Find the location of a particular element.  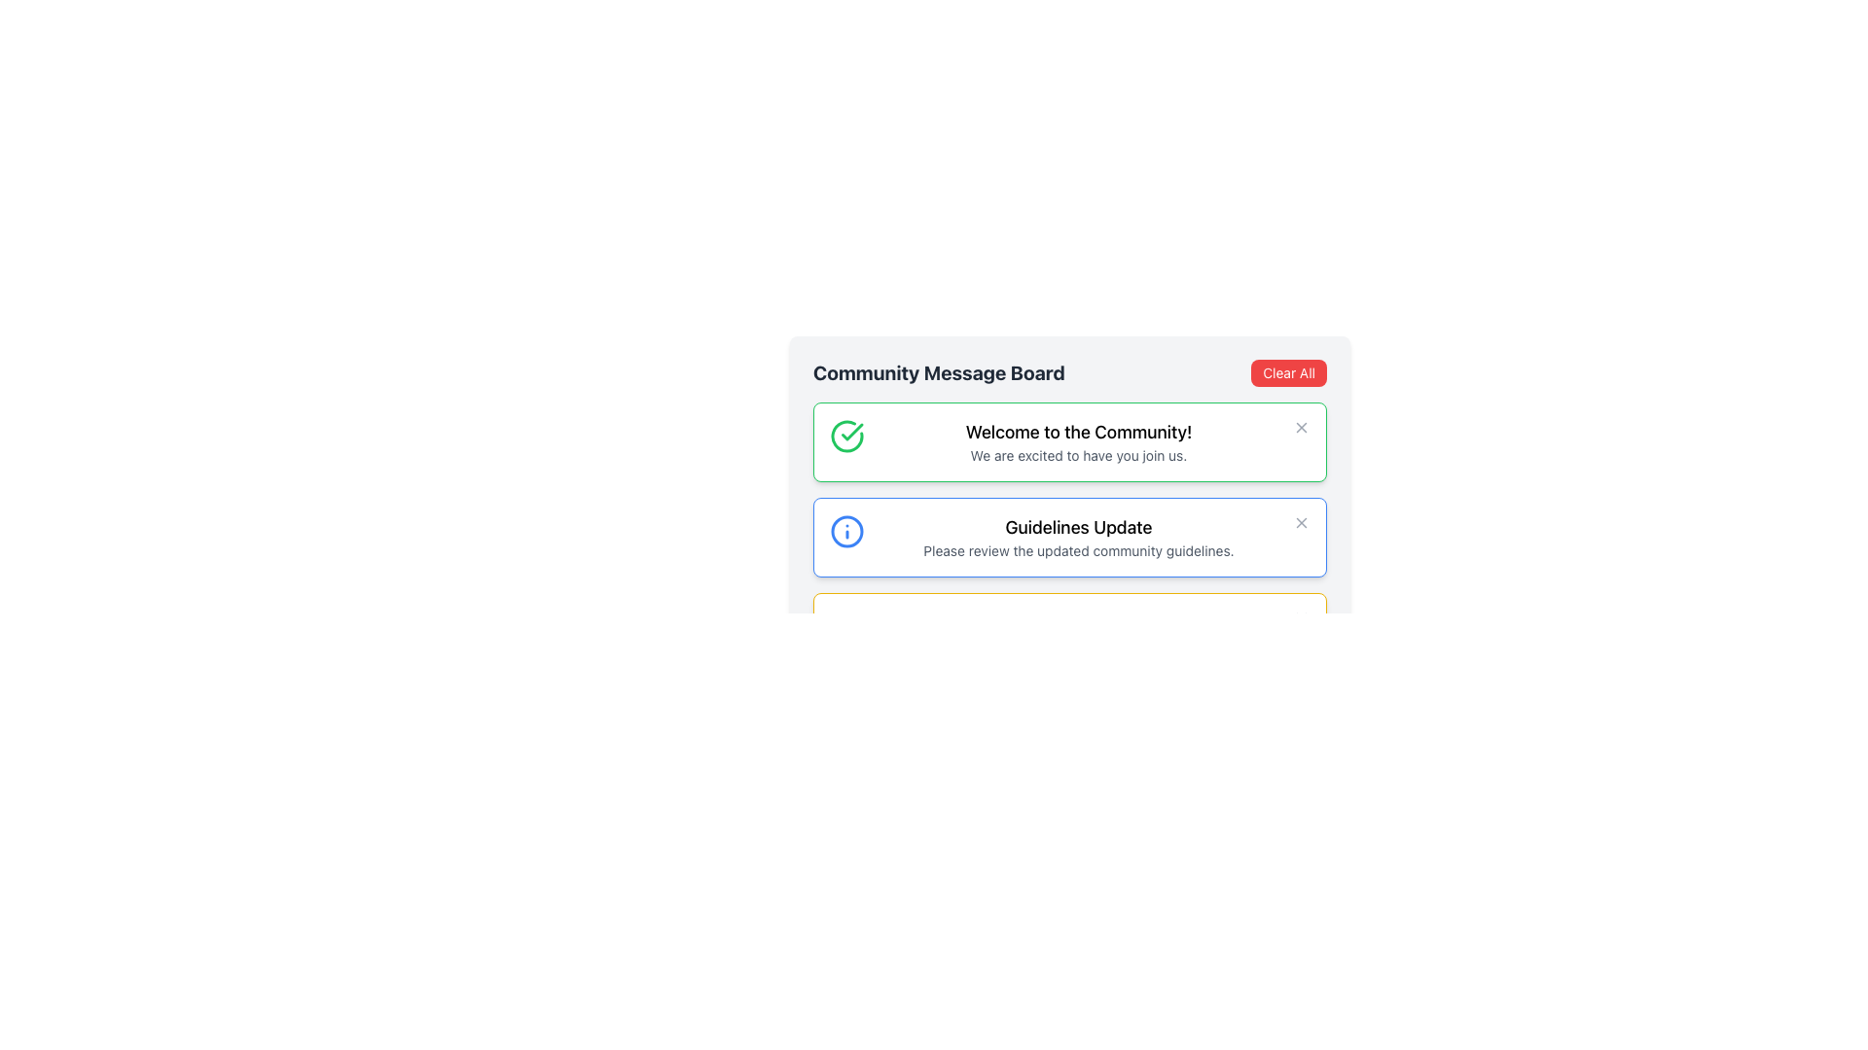

the updated community guidelines information displayed in the second informational text block on the Community Message Board interface, which is highlighted with a blue border and located just below the information icon is located at coordinates (1077, 537).